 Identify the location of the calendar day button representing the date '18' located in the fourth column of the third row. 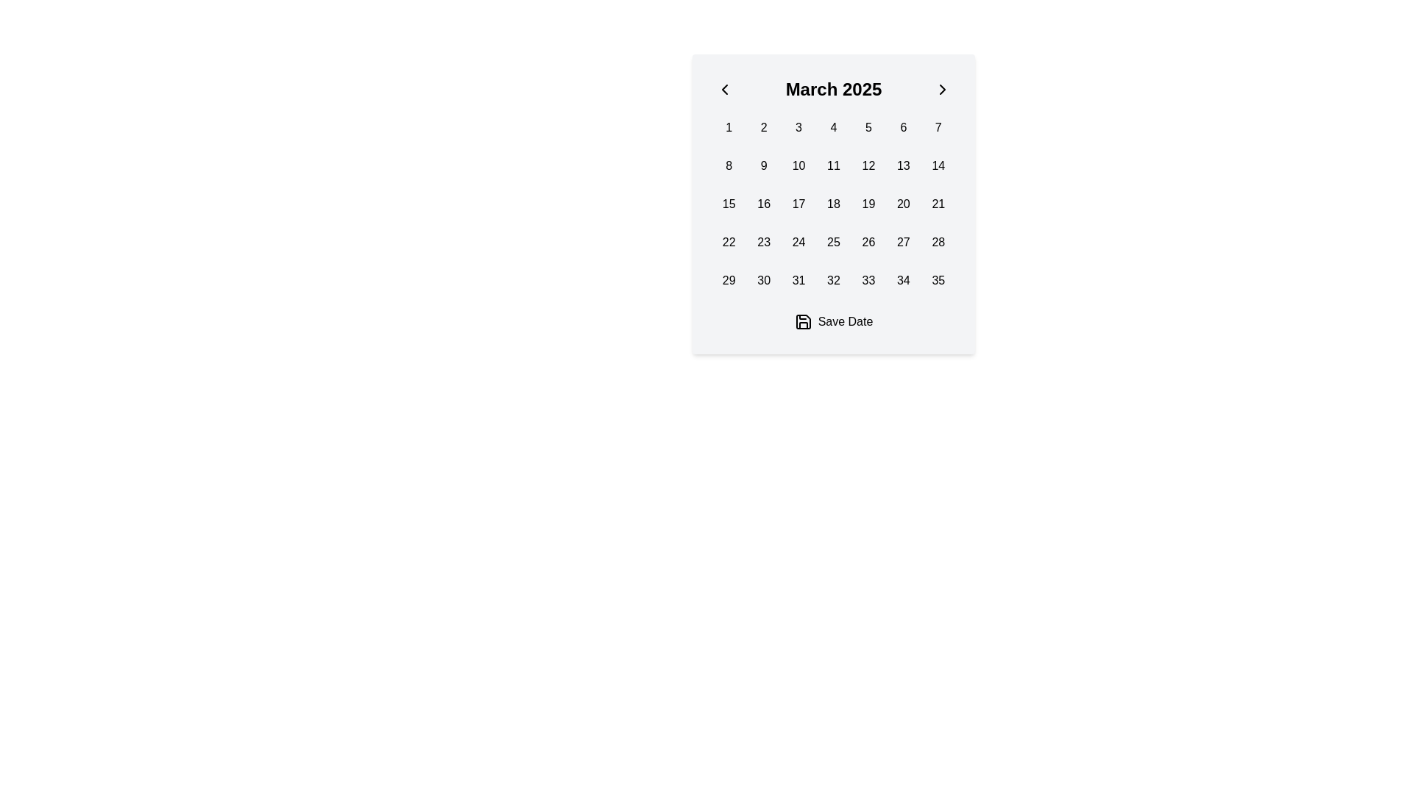
(833, 204).